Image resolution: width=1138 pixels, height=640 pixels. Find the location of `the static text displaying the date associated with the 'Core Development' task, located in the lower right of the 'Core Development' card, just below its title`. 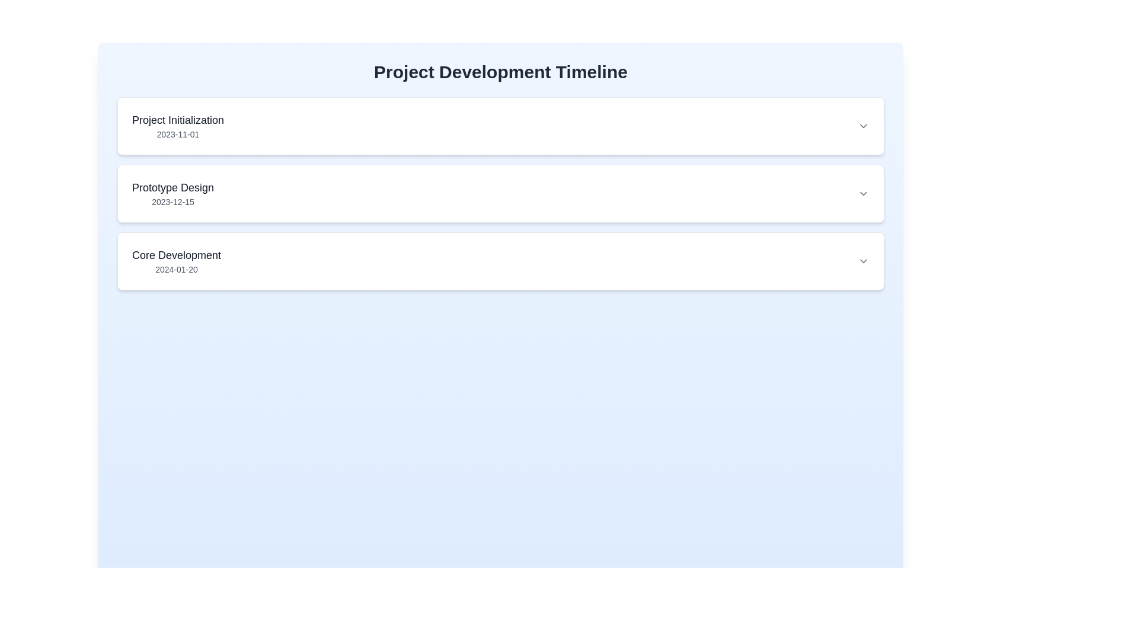

the static text displaying the date associated with the 'Core Development' task, located in the lower right of the 'Core Development' card, just below its title is located at coordinates (175, 270).